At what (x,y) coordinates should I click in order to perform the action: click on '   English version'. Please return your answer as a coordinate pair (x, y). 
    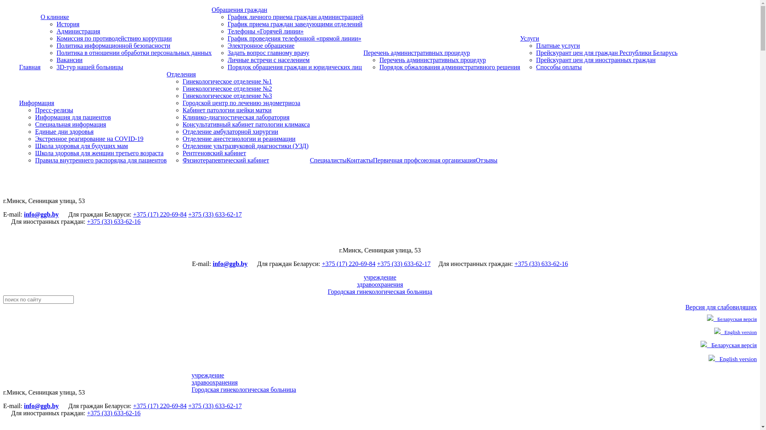
    Looking at the image, I should click on (732, 359).